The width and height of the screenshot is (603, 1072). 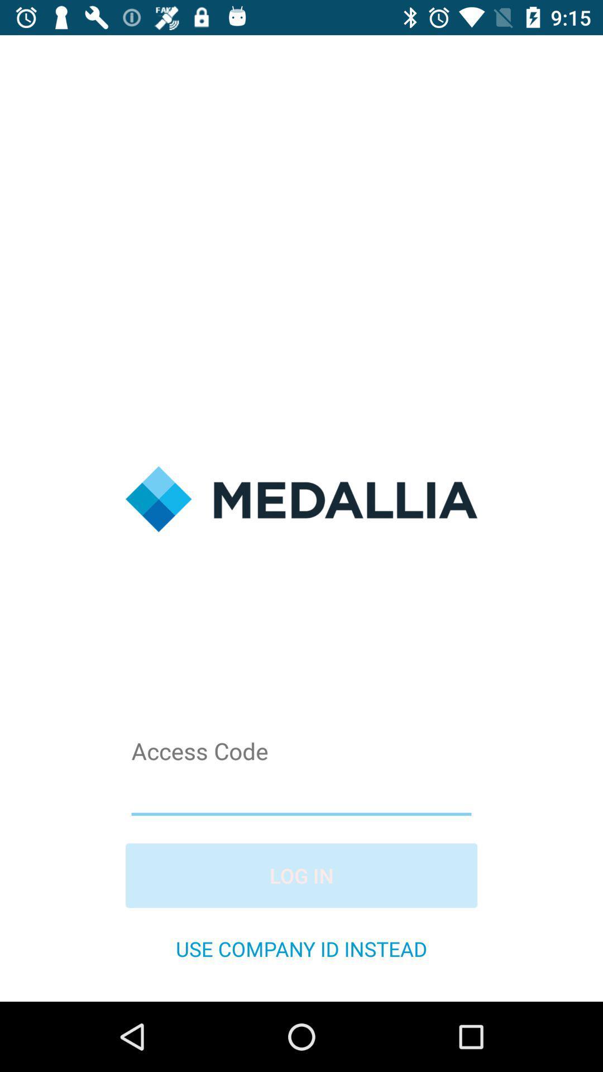 I want to click on ender the box, so click(x=301, y=792).